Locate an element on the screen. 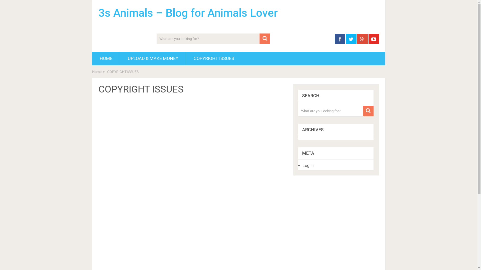  'COPYRIGHT ISSUES' is located at coordinates (214, 58).